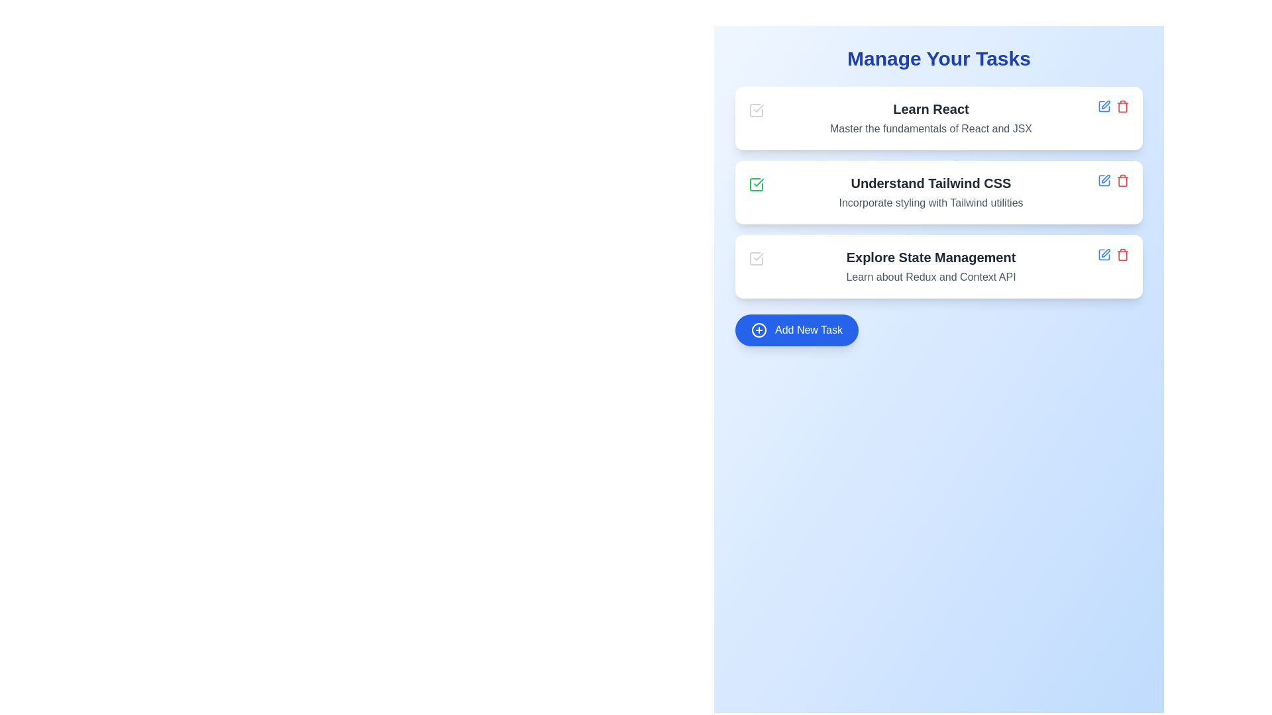 The width and height of the screenshot is (1272, 715). Describe the element at coordinates (796, 329) in the screenshot. I see `the 'Add Task' button located in the 'Manage Your Tasks' section` at that location.